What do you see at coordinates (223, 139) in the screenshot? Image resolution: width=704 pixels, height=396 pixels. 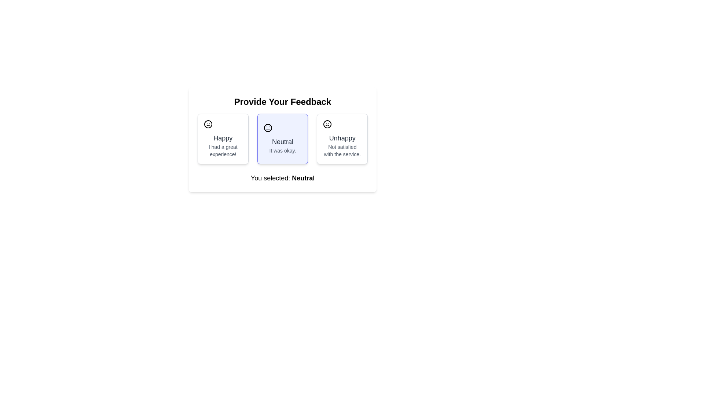 I see `the Feedback option labeled 'Happy I had a great experience!' using the keyboard` at bounding box center [223, 139].